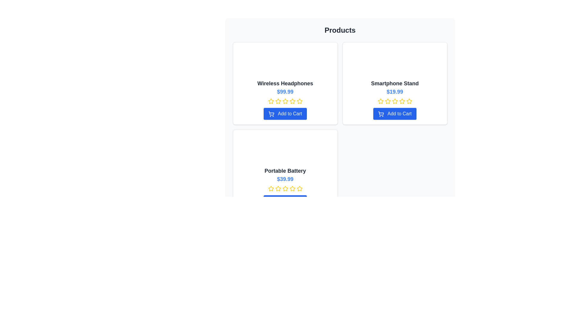  Describe the element at coordinates (278, 188) in the screenshot. I see `the second star icon in the rating indicator for the product 'Portable Battery'` at that location.